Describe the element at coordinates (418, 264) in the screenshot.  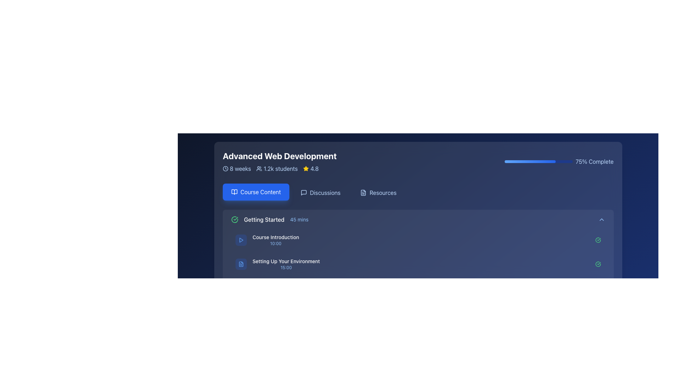
I see `the course module list item titled 'Setting Up Your Environment' to perform an action` at that location.